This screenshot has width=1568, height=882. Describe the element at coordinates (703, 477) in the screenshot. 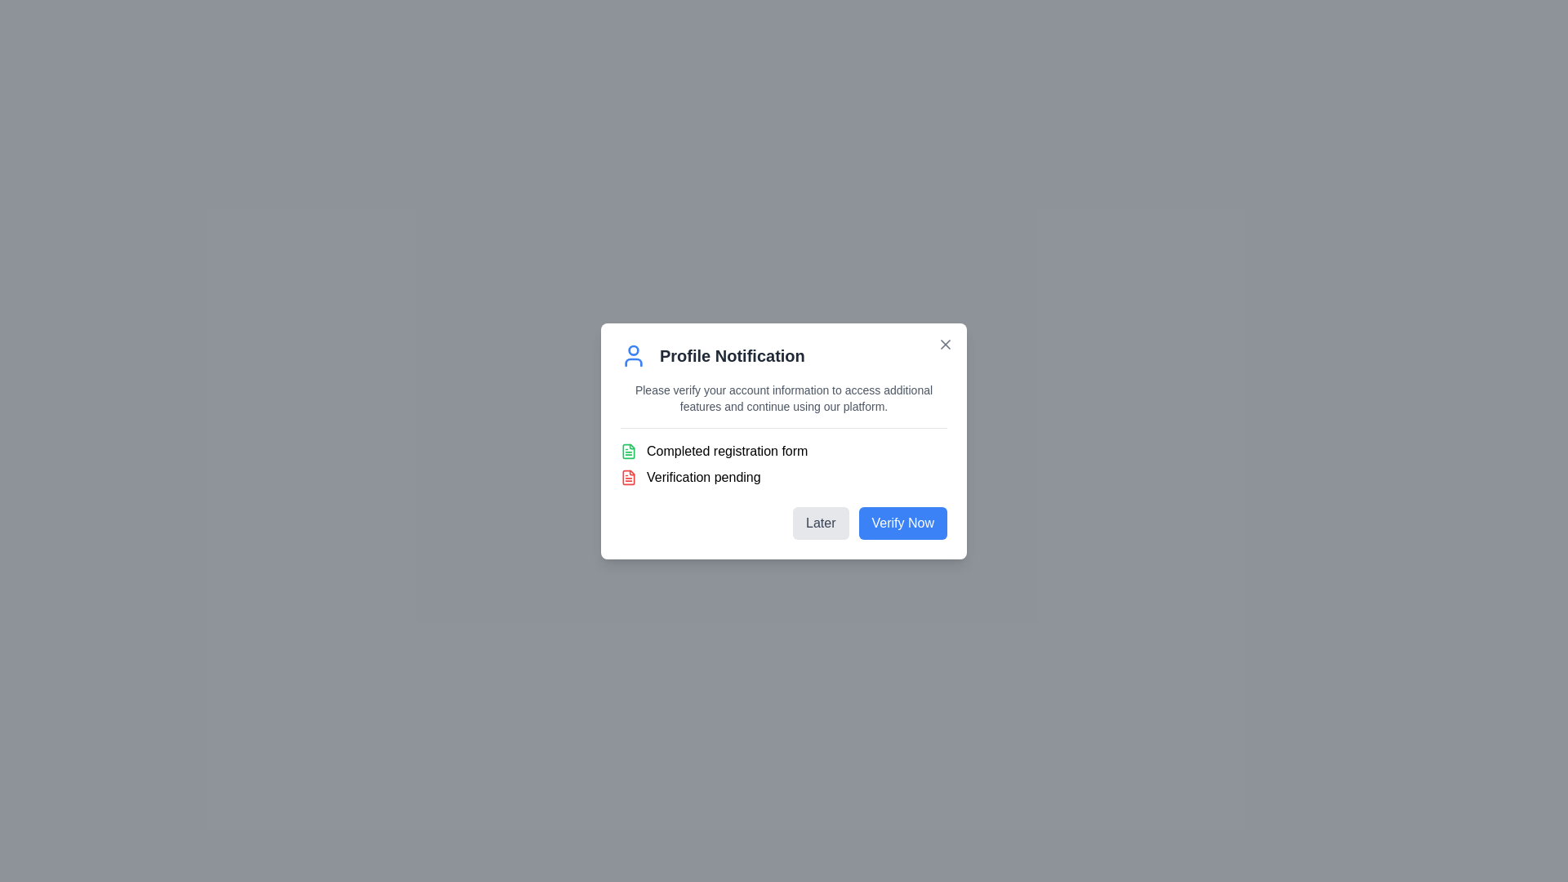

I see `the text label indicating the pending verification status of an account or task, located under 'Profile Notification' as the second item in the list` at that location.